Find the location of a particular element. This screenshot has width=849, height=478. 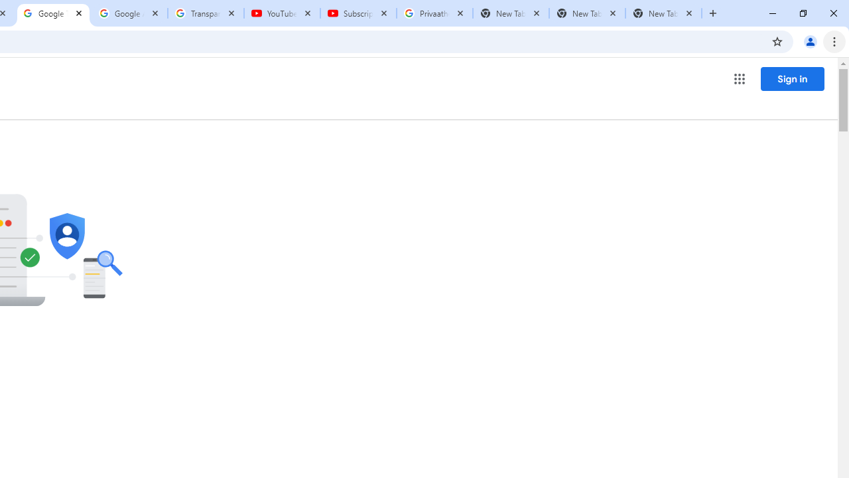

'Subscriptions - YouTube' is located at coordinates (358, 13).